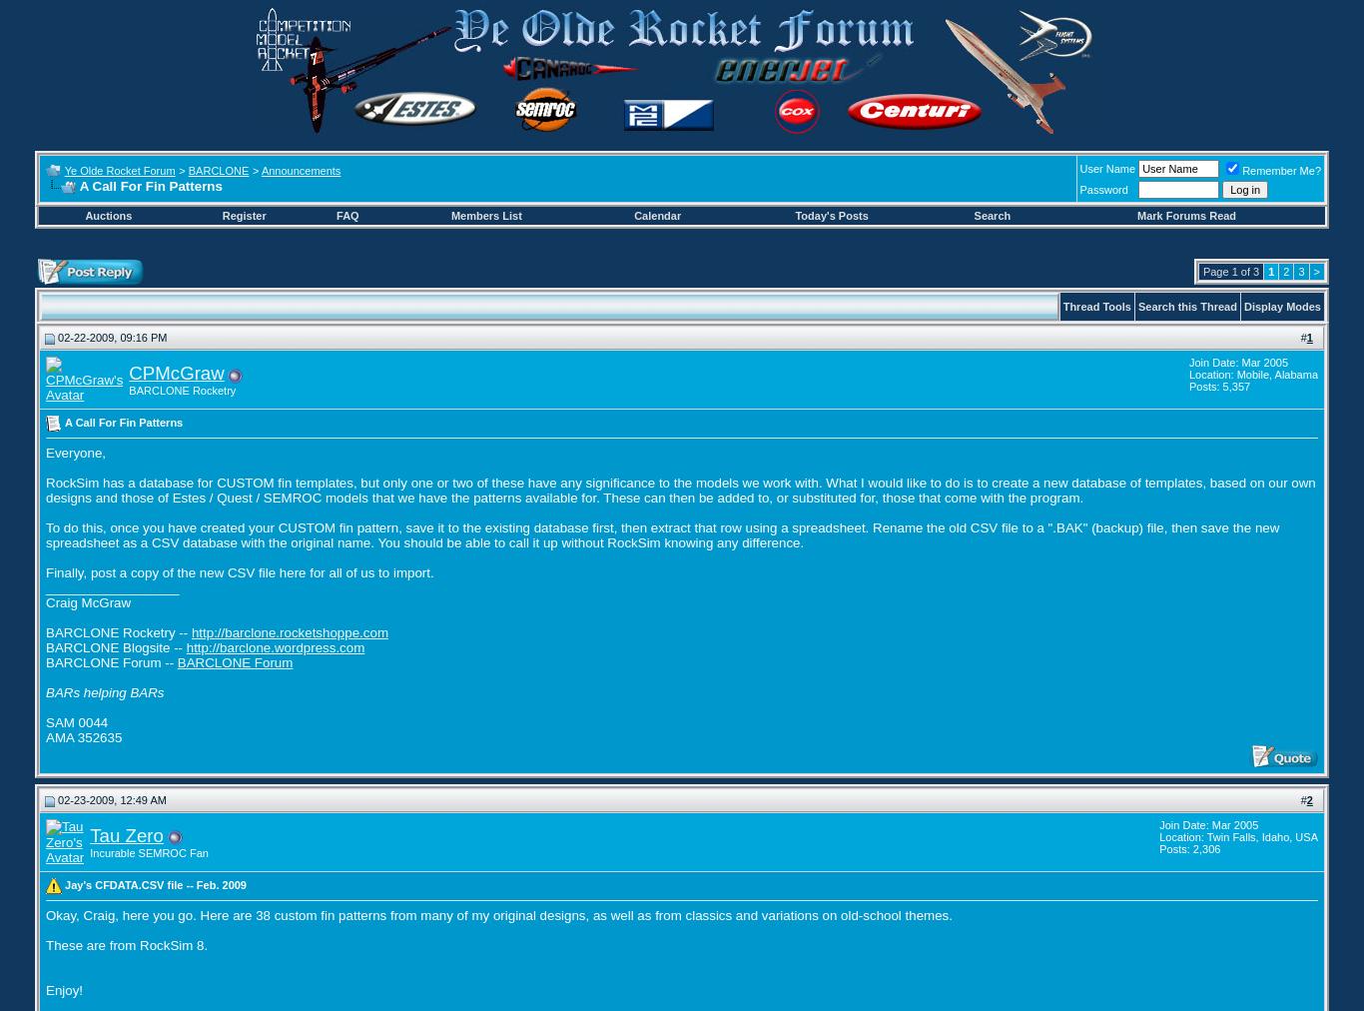  Describe the element at coordinates (127, 390) in the screenshot. I see `'BARCLONE Rocketry'` at that location.